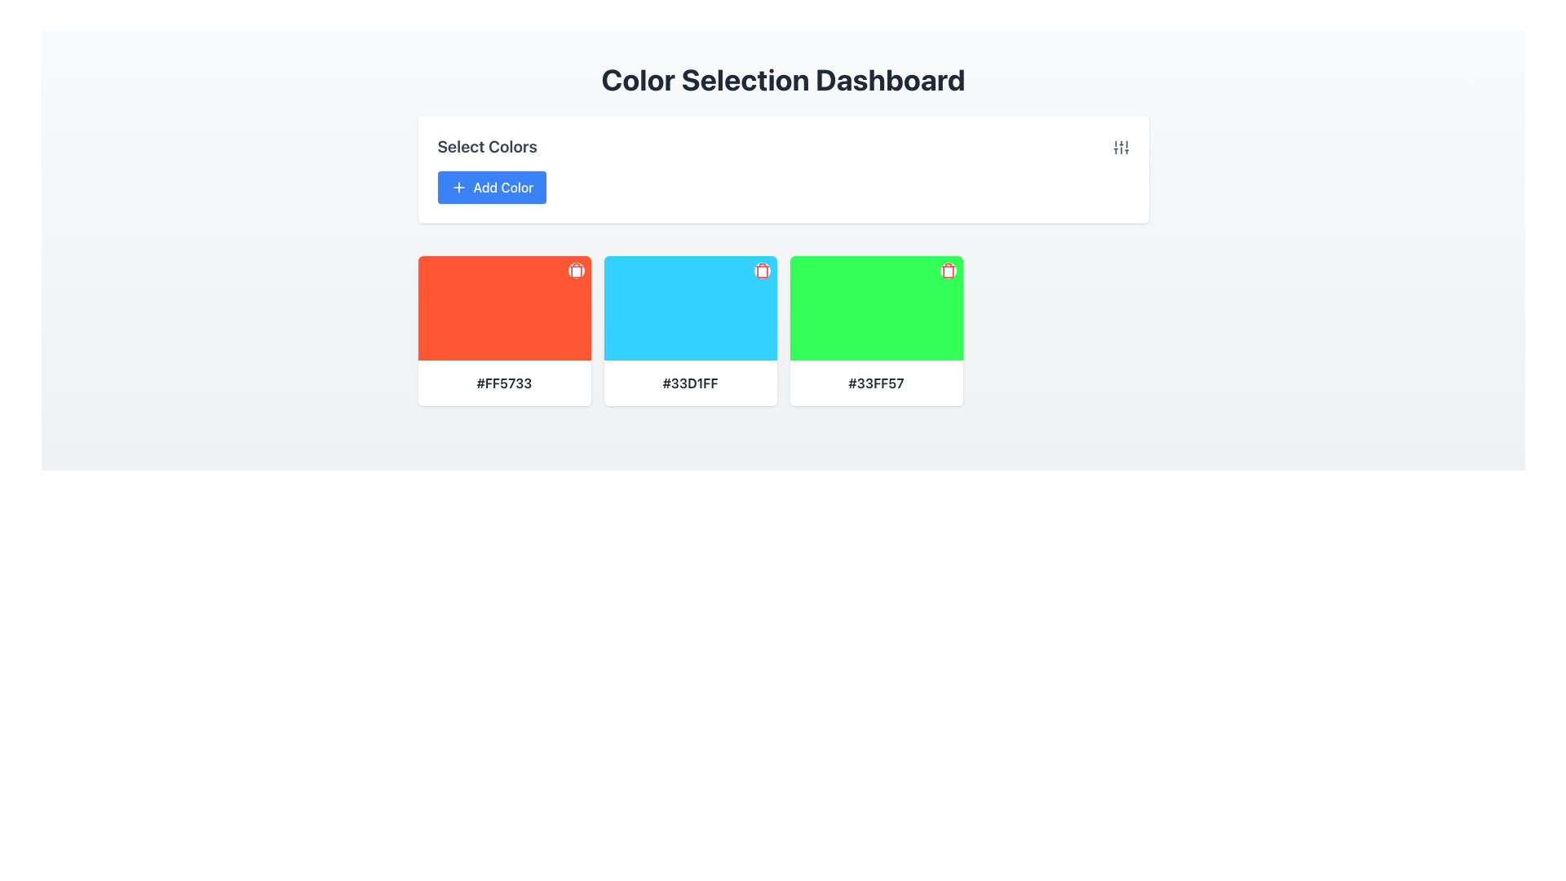 Image resolution: width=1566 pixels, height=881 pixels. What do you see at coordinates (875, 330) in the screenshot?
I see `the color selection card displaying the hexadecimal code for color, located in the third column of the grid layout` at bounding box center [875, 330].